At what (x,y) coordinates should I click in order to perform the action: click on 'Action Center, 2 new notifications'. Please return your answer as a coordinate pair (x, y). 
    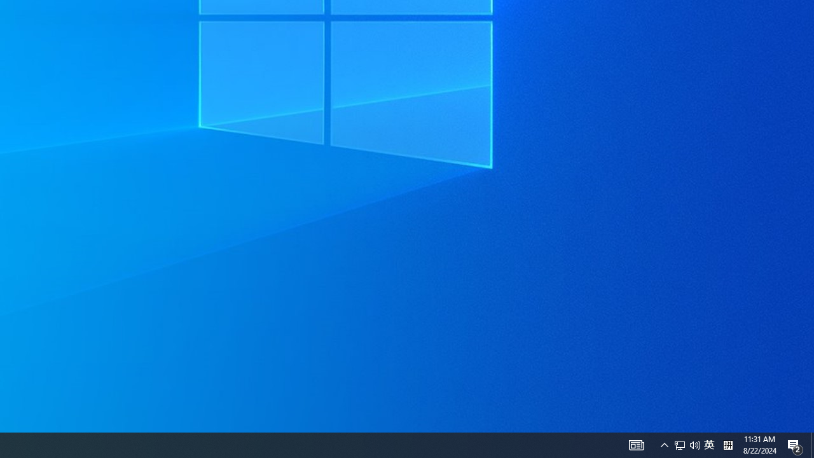
    Looking at the image, I should click on (795, 444).